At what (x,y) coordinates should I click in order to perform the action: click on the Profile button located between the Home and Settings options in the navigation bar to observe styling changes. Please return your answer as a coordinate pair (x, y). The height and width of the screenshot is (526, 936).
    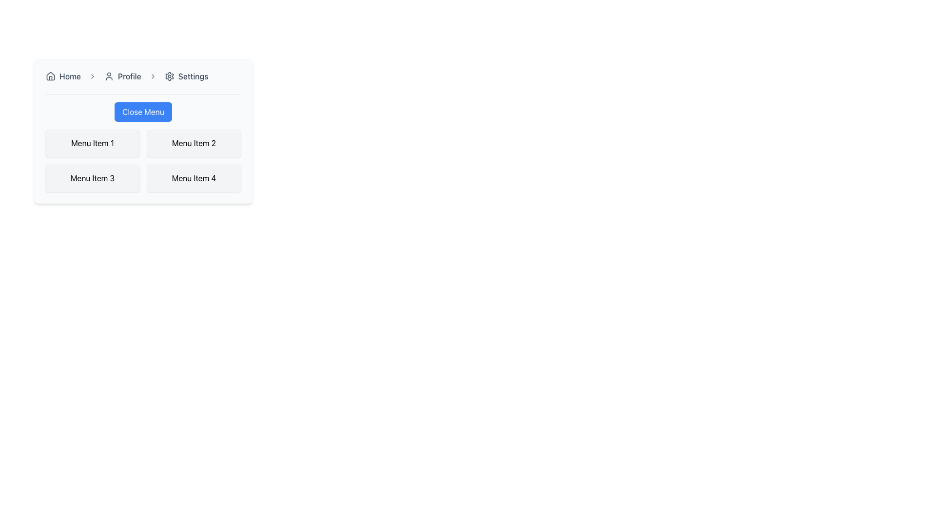
    Looking at the image, I should click on (122, 76).